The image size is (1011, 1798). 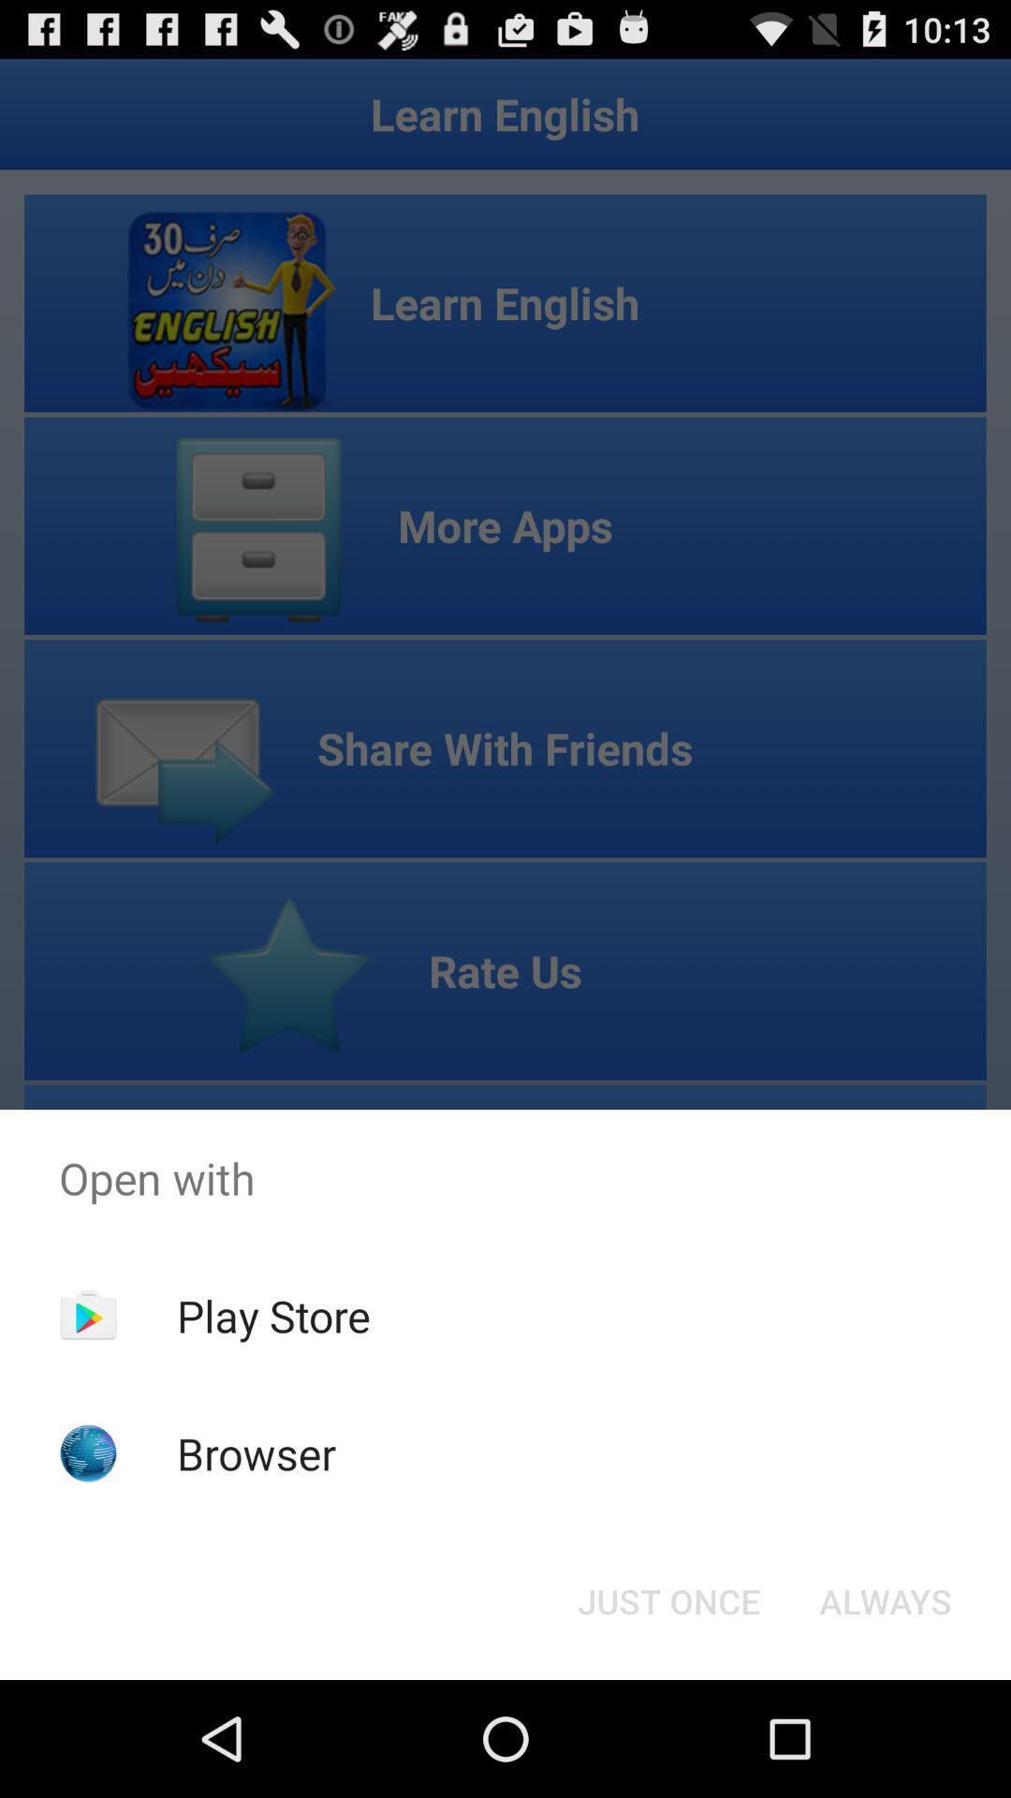 I want to click on item at the bottom right corner, so click(x=885, y=1599).